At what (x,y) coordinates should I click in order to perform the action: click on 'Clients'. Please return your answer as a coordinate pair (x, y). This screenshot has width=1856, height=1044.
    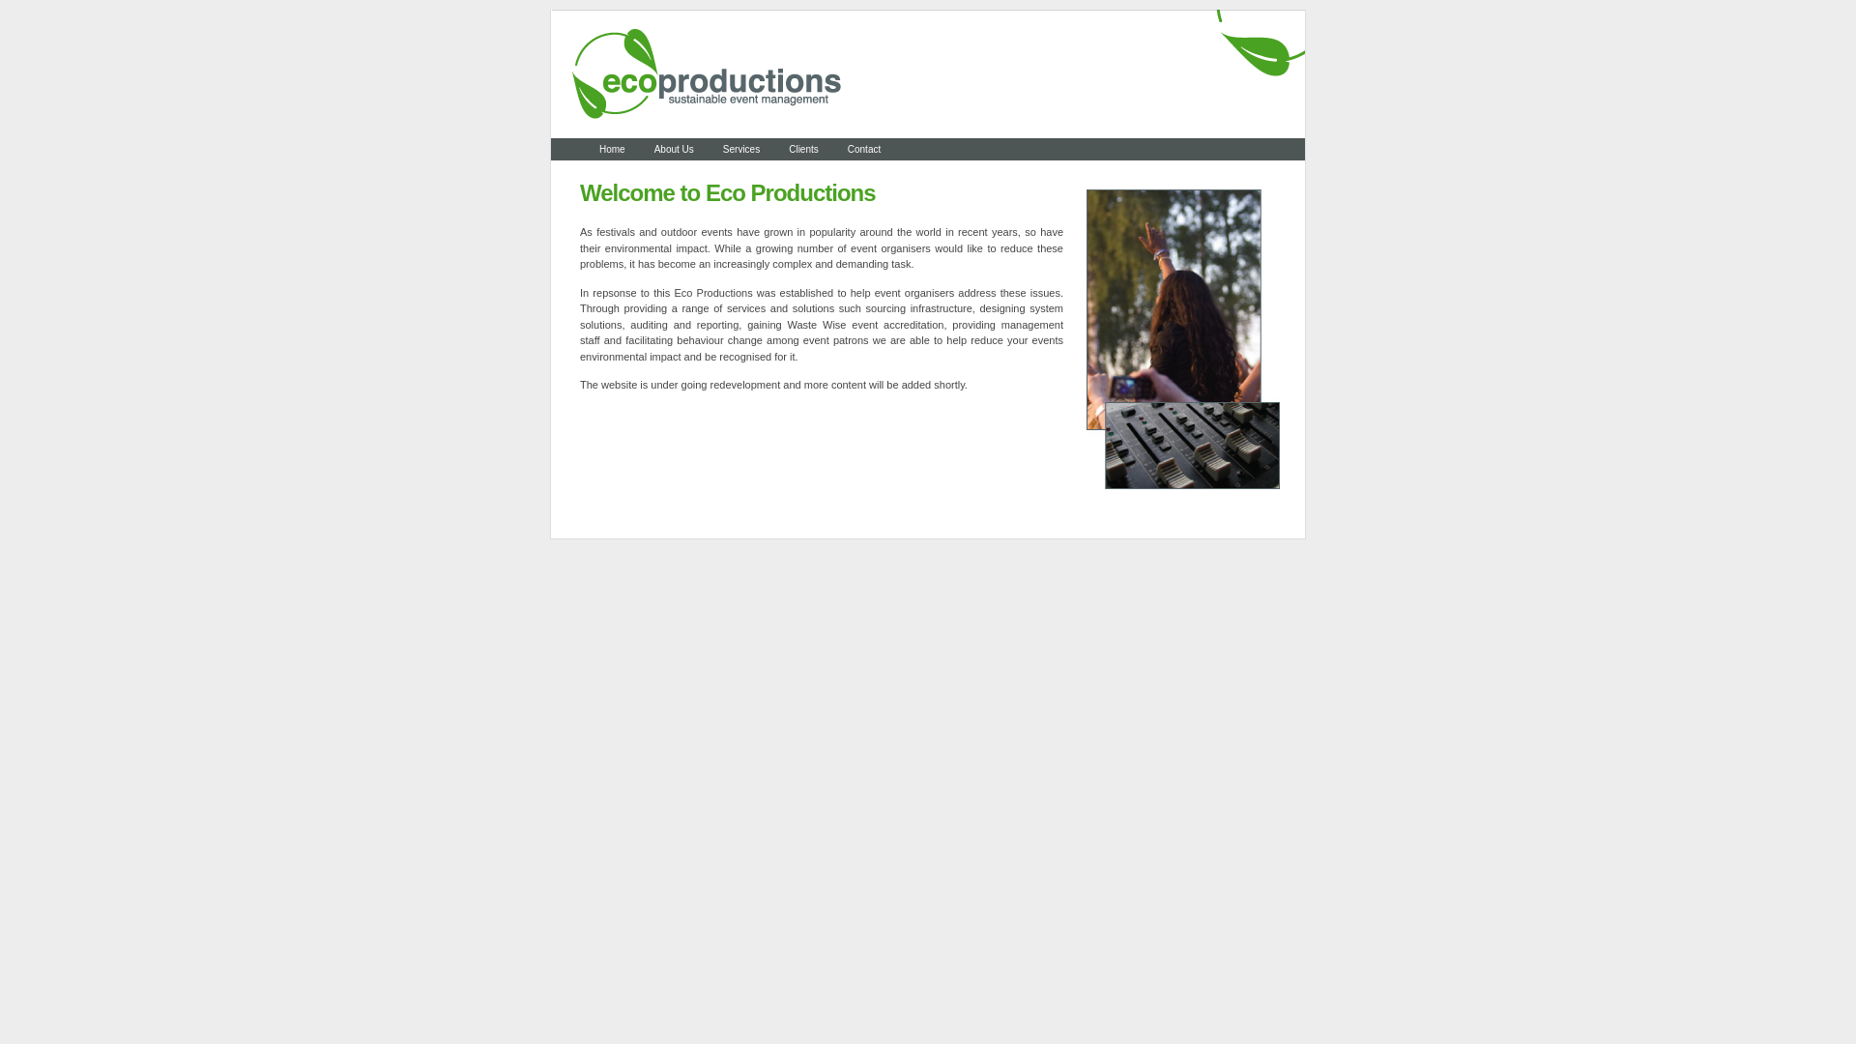
    Looking at the image, I should click on (803, 148).